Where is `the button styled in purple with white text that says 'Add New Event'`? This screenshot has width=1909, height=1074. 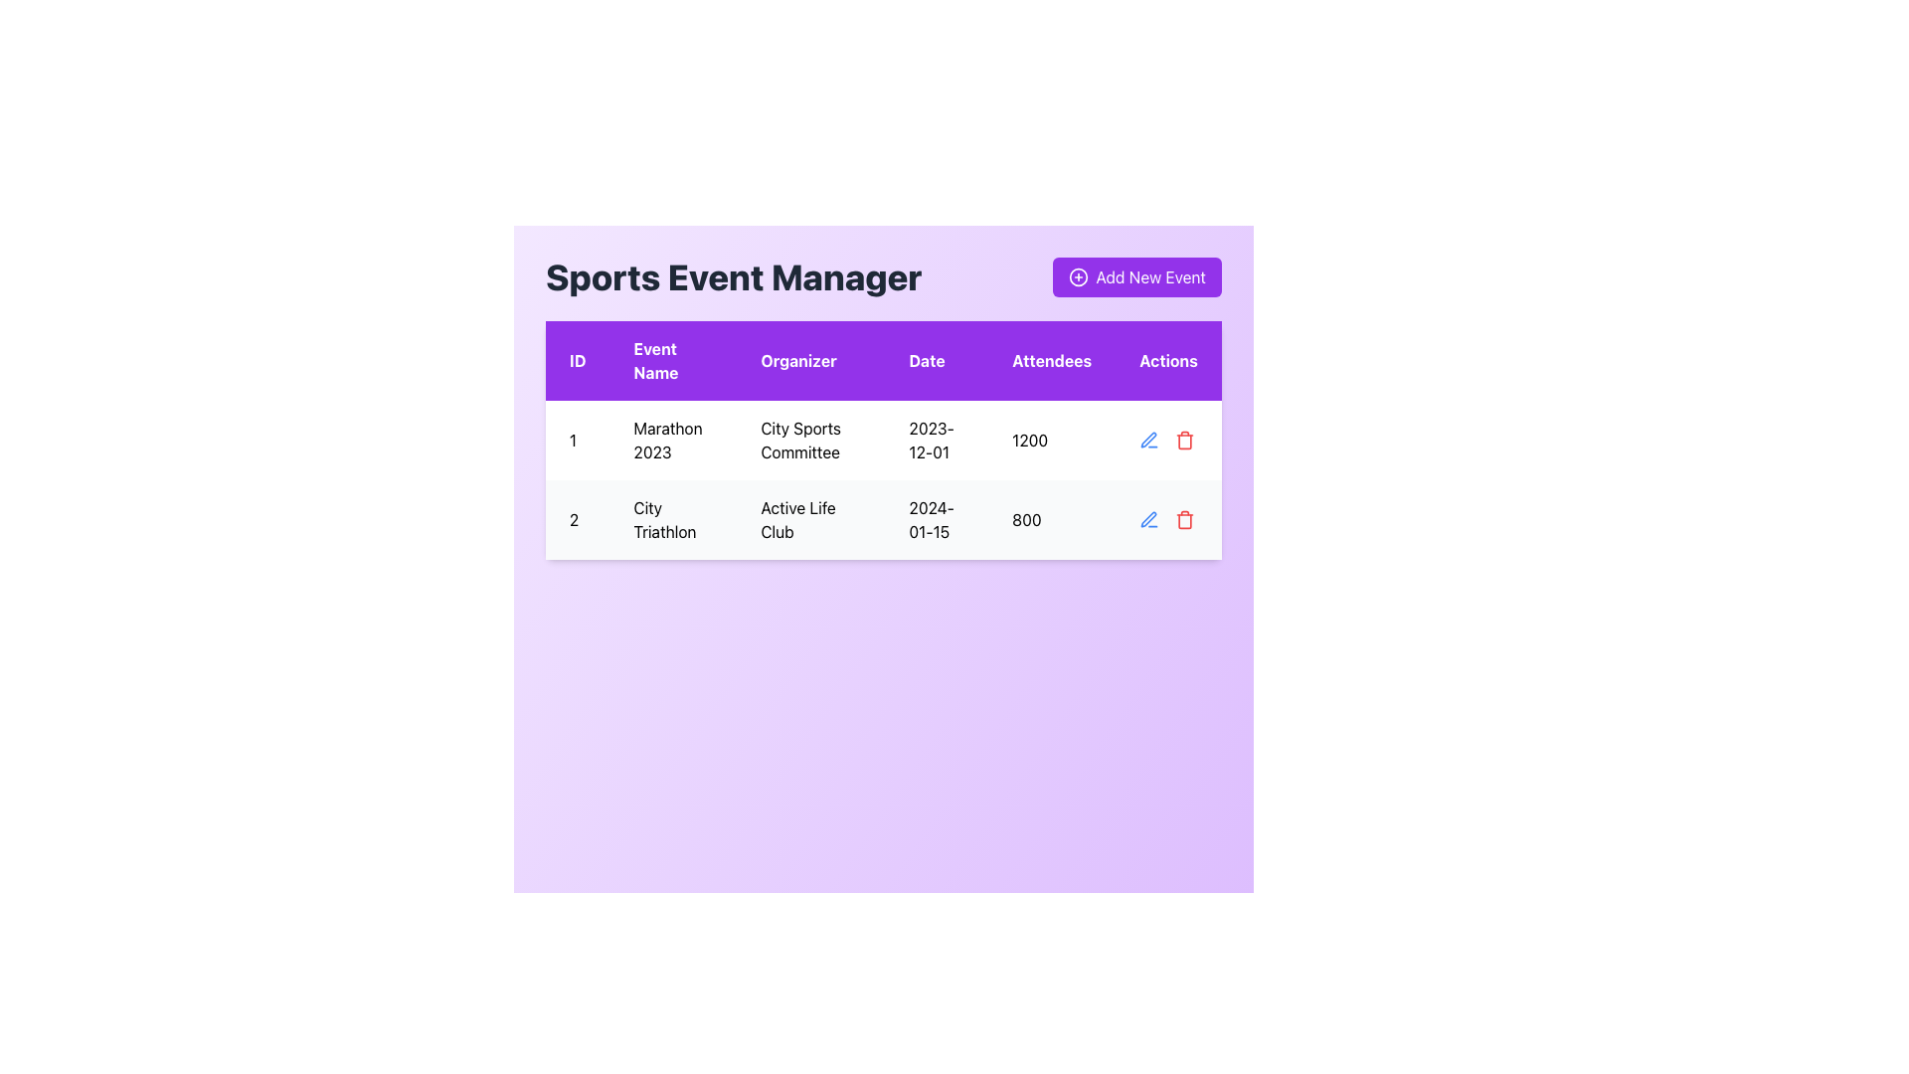 the button styled in purple with white text that says 'Add New Event' is located at coordinates (1136, 276).